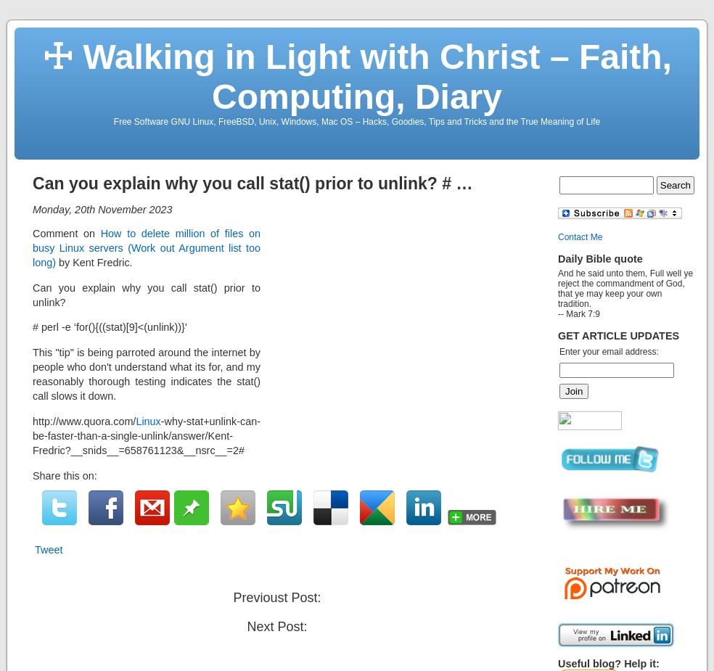 The height and width of the screenshot is (671, 714). Describe the element at coordinates (31, 247) in the screenshot. I see `'How to delete million of files on busy Linux servers (Work out Argument list too long)'` at that location.